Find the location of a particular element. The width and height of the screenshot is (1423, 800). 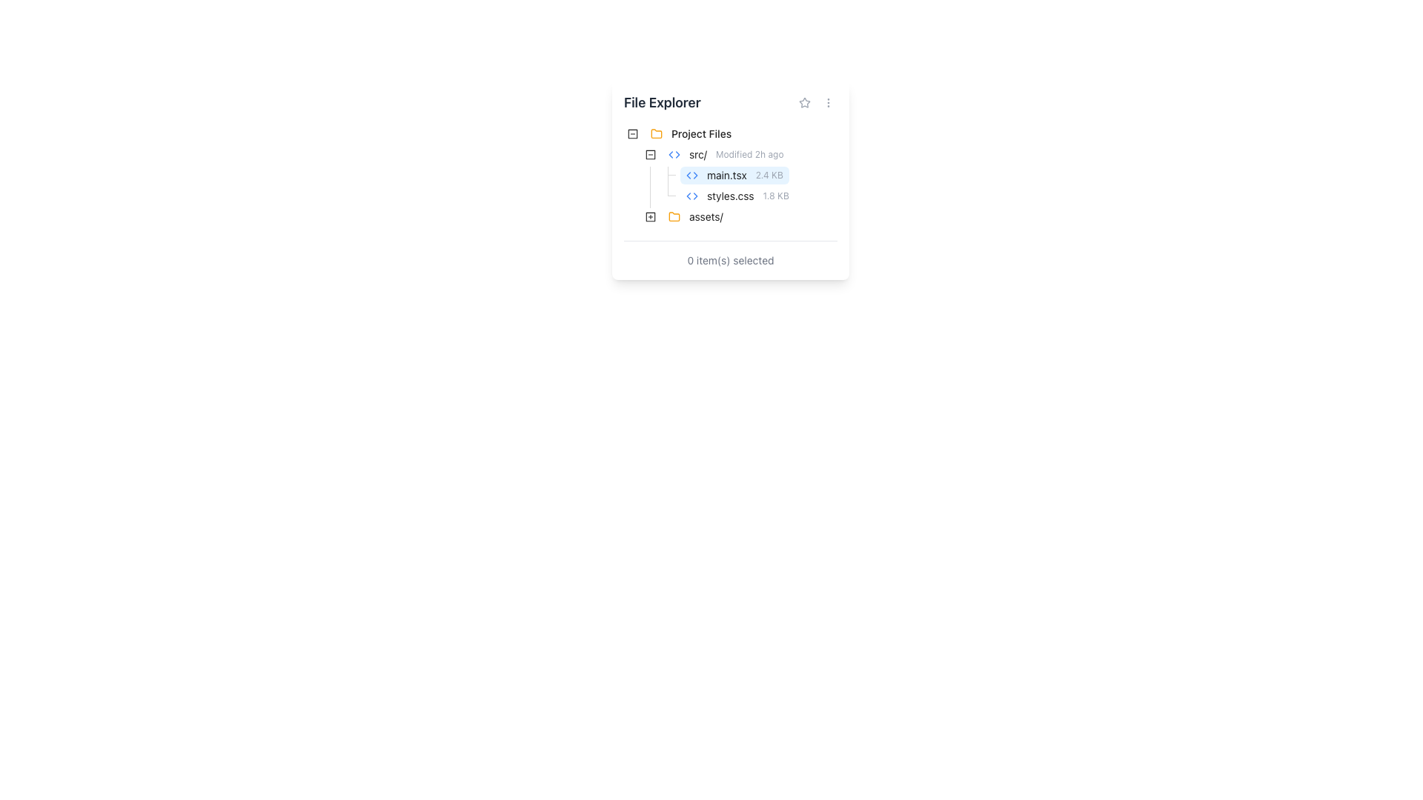

the decorative indentation marker located to the left of the node labeled 'main.tsx 2.4 KB' in the tree structure is located at coordinates (641, 174).